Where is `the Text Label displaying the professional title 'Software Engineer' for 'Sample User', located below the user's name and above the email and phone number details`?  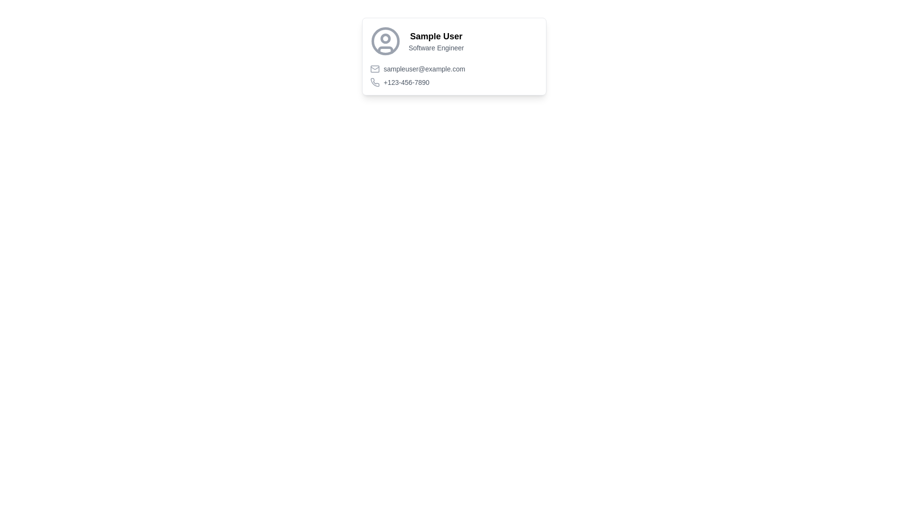
the Text Label displaying the professional title 'Software Engineer' for 'Sample User', located below the user's name and above the email and phone number details is located at coordinates (436, 48).